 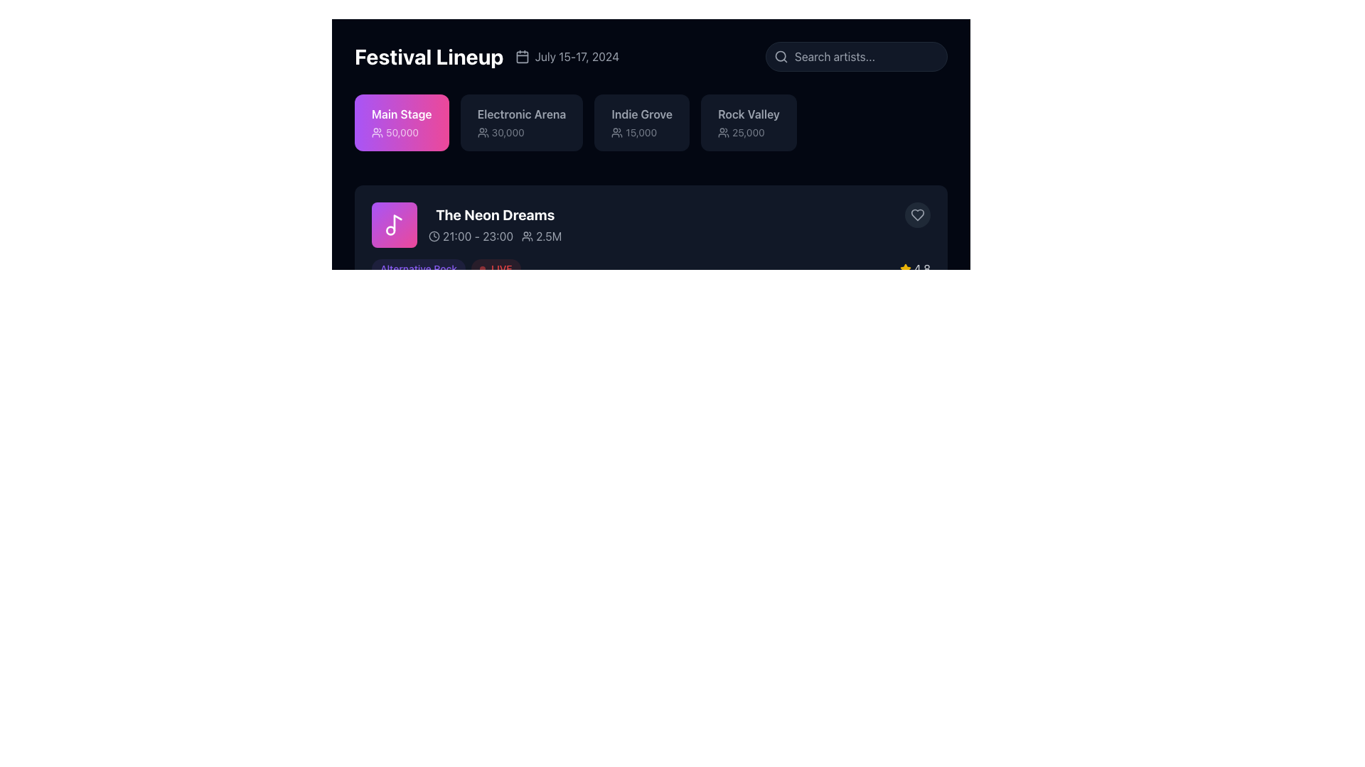 I want to click on the Event card for 'The Neon Dreams' scheduled from 21:00 to 23:00 with 2.5M attendees, located in the middle row of the event list below the 'Festival Lineup' header, so click(x=466, y=224).